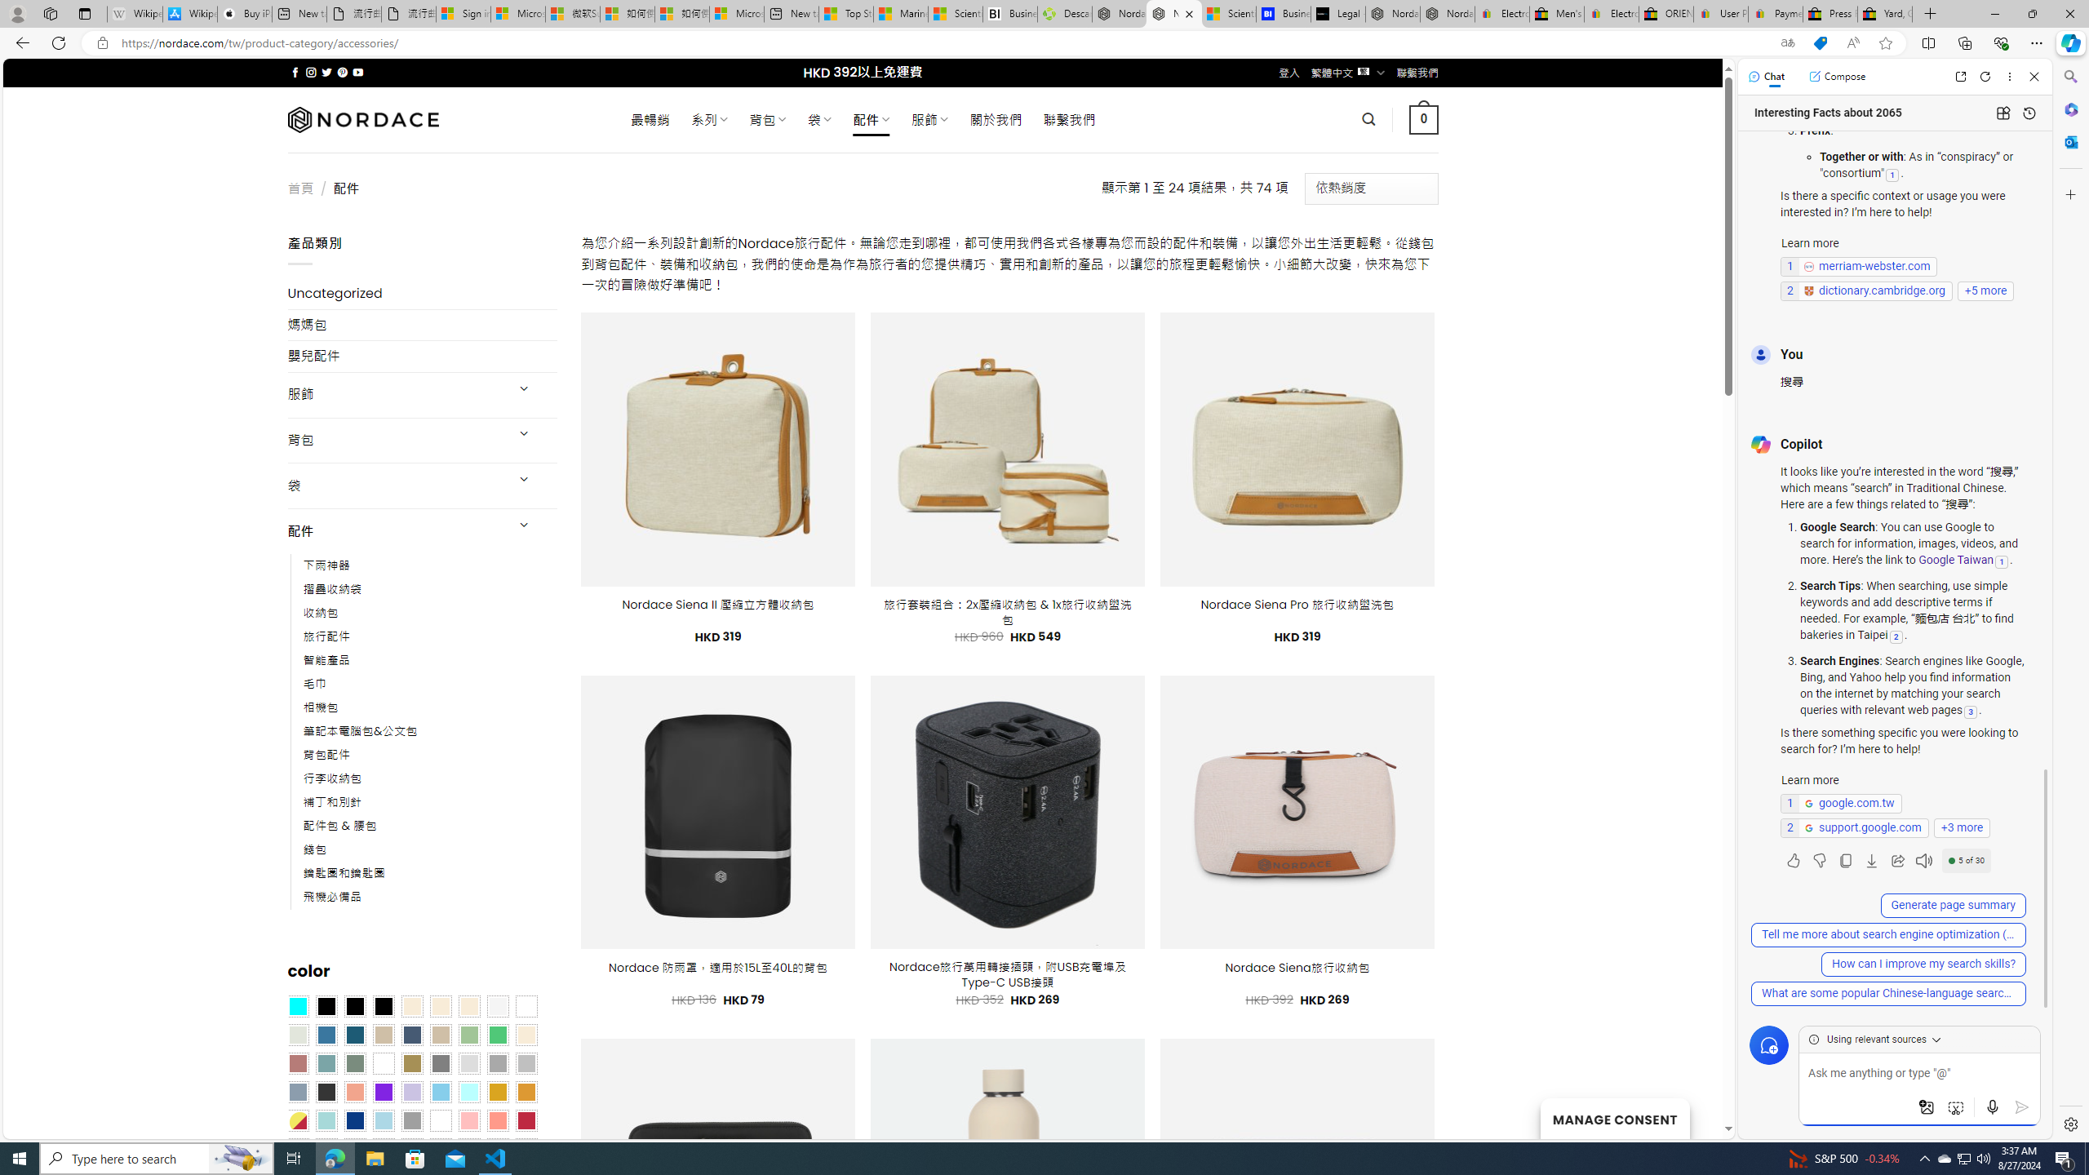 The height and width of the screenshot is (1175, 2089). Describe the element at coordinates (1820, 43) in the screenshot. I see `'This site has coupons! Shopping in Microsoft Edge'` at that location.